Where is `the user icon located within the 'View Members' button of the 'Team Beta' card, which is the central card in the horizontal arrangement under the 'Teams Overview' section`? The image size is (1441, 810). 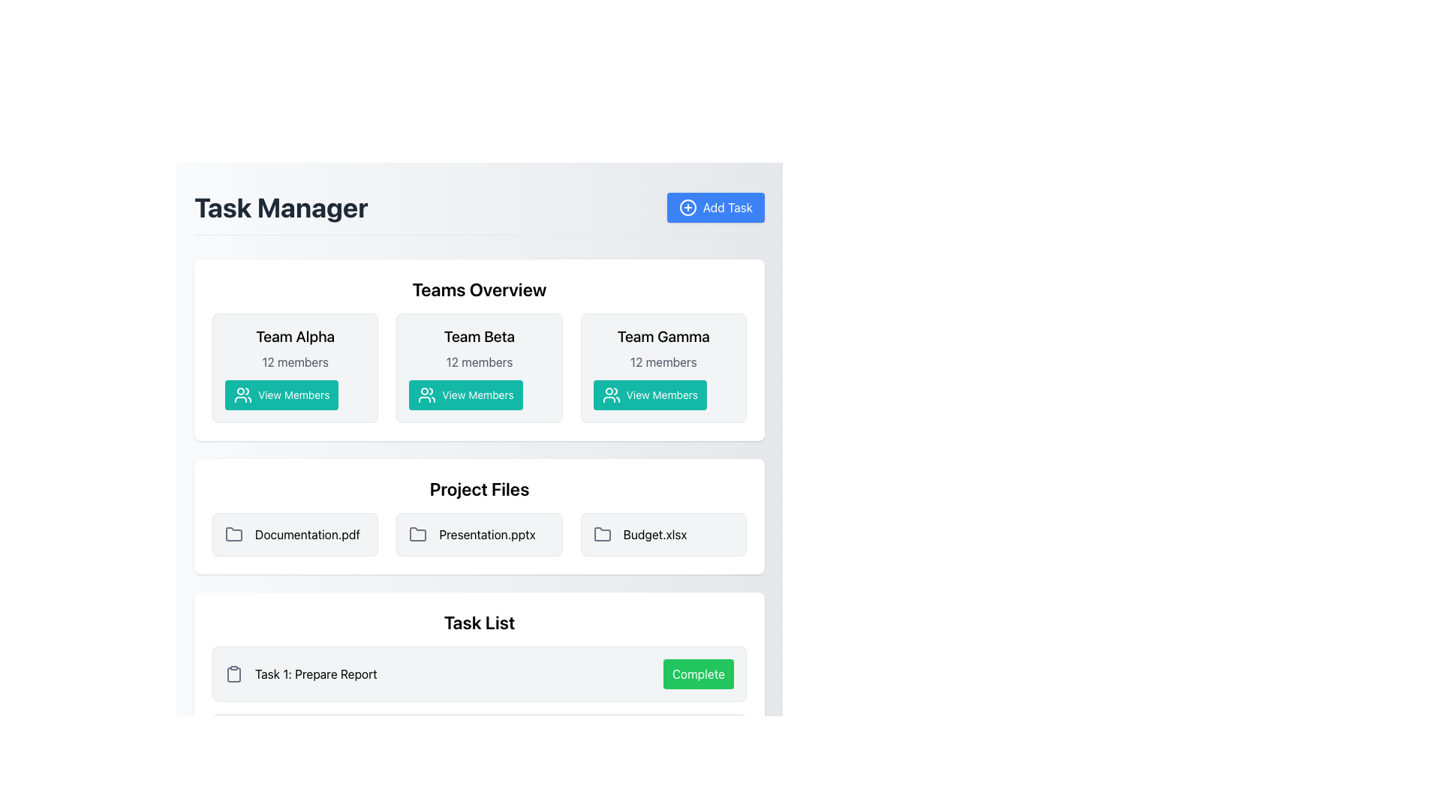 the user icon located within the 'View Members' button of the 'Team Beta' card, which is the central card in the horizontal arrangement under the 'Teams Overview' section is located at coordinates (426, 394).